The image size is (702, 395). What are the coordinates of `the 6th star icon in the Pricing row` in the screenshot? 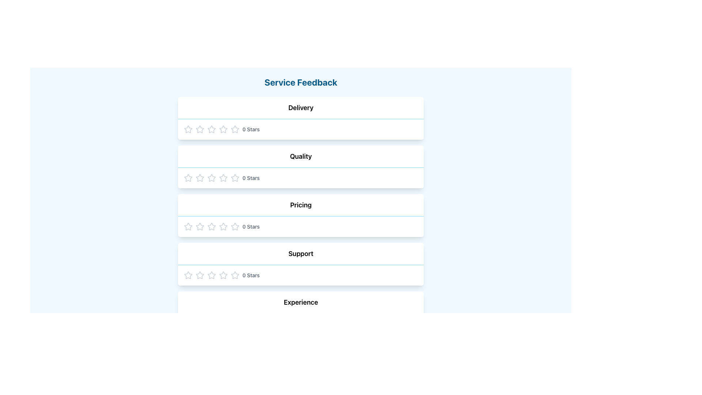 It's located at (223, 226).